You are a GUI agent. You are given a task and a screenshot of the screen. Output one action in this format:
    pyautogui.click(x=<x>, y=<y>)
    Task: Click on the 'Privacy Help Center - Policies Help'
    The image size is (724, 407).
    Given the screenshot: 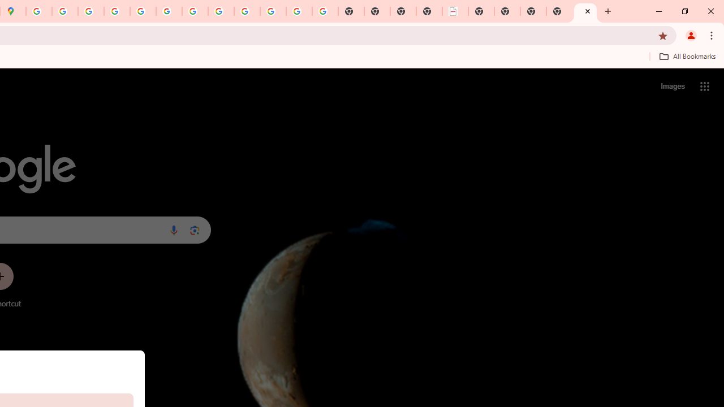 What is the action you would take?
    pyautogui.click(x=117, y=11)
    